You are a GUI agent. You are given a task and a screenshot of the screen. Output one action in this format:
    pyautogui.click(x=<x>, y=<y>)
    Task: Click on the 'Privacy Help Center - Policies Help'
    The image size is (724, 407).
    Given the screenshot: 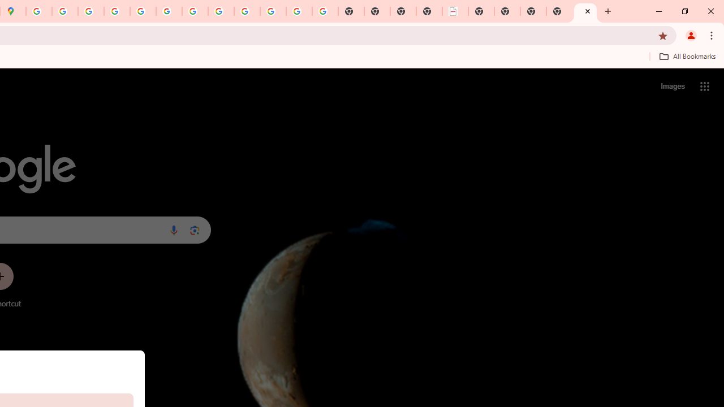 What is the action you would take?
    pyautogui.click(x=117, y=11)
    